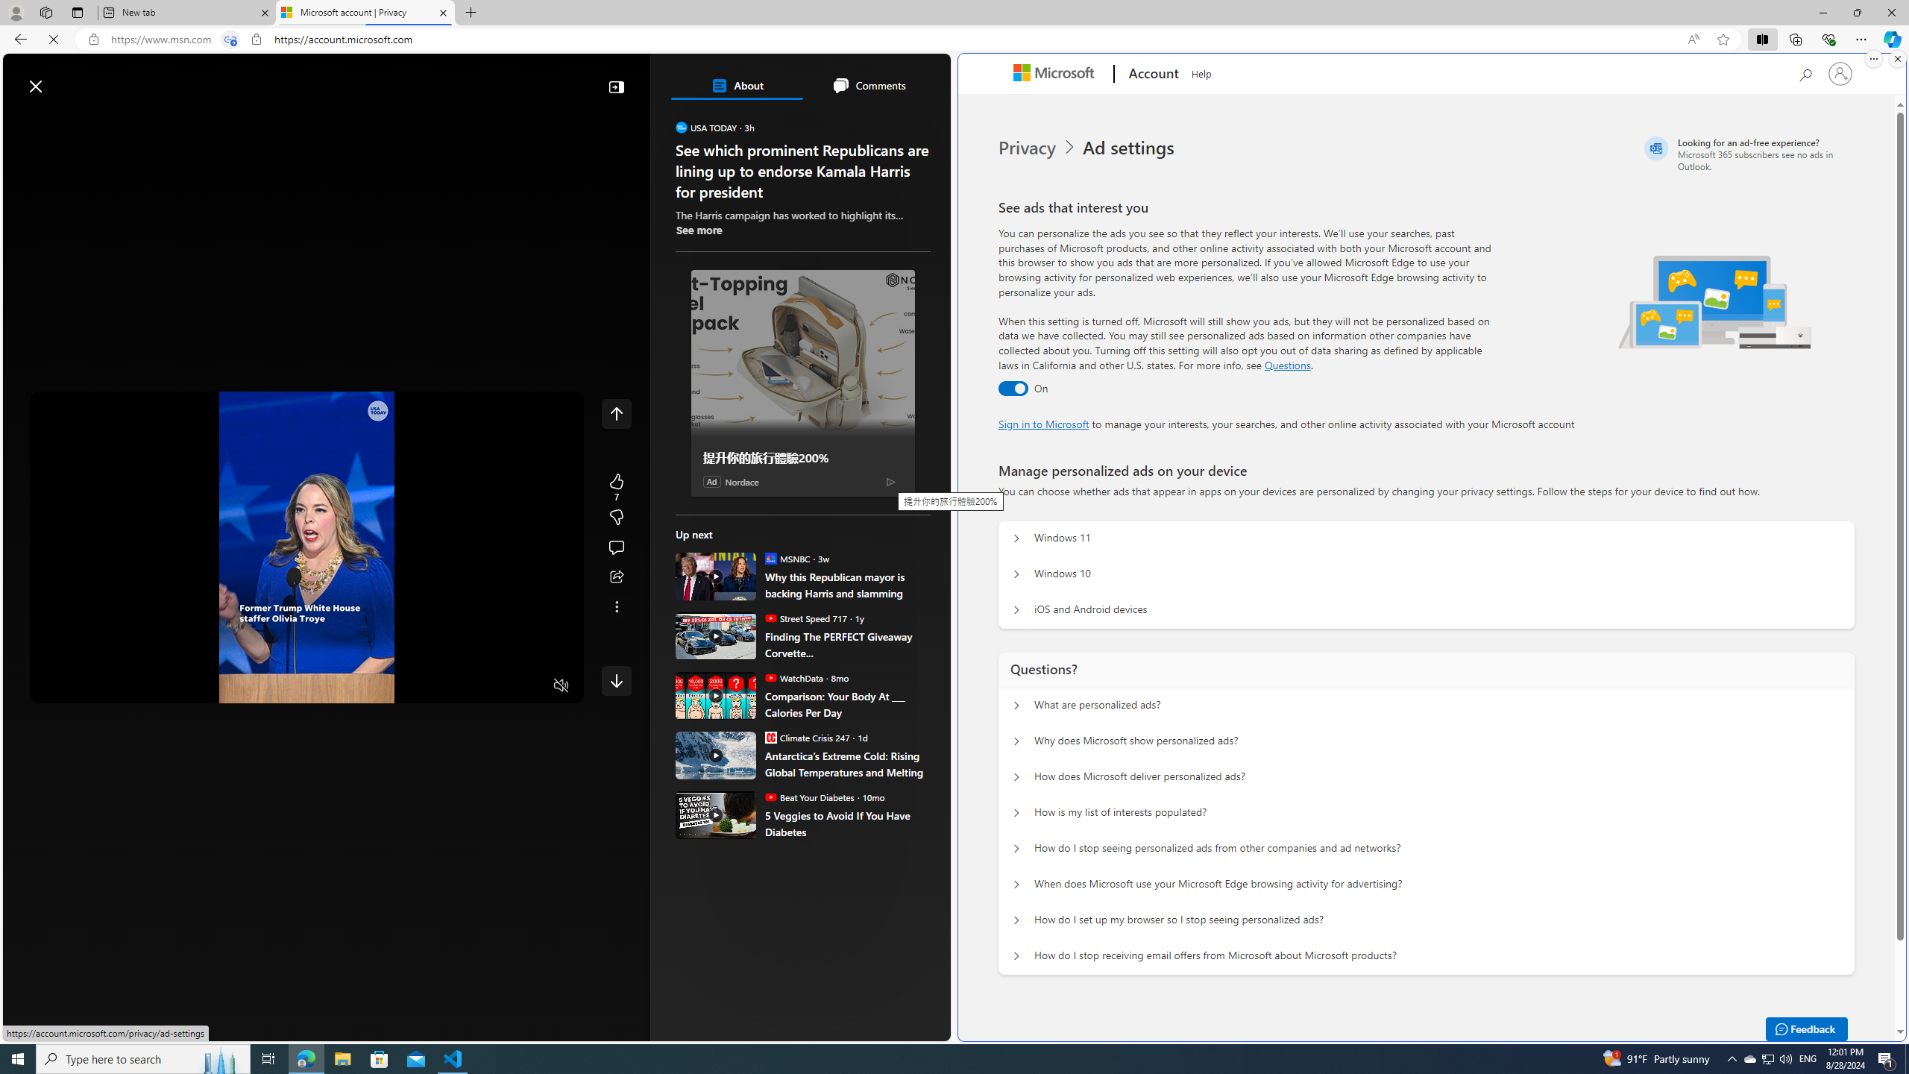 This screenshot has height=1074, width=1909. I want to click on 'Quality Settings', so click(472, 685).